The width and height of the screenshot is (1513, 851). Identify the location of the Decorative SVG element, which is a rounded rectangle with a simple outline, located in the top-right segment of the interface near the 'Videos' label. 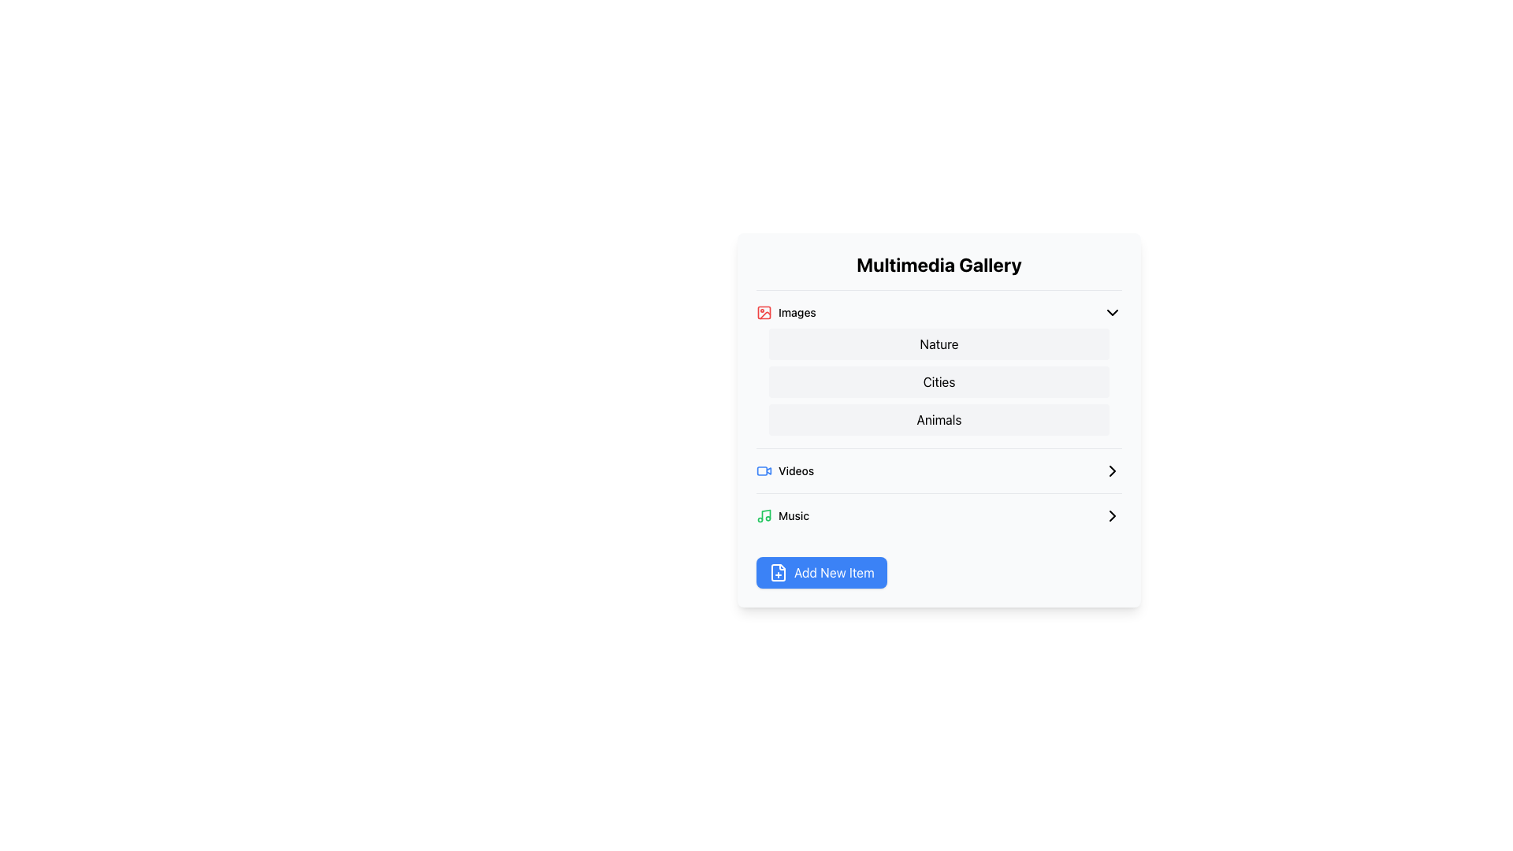
(762, 470).